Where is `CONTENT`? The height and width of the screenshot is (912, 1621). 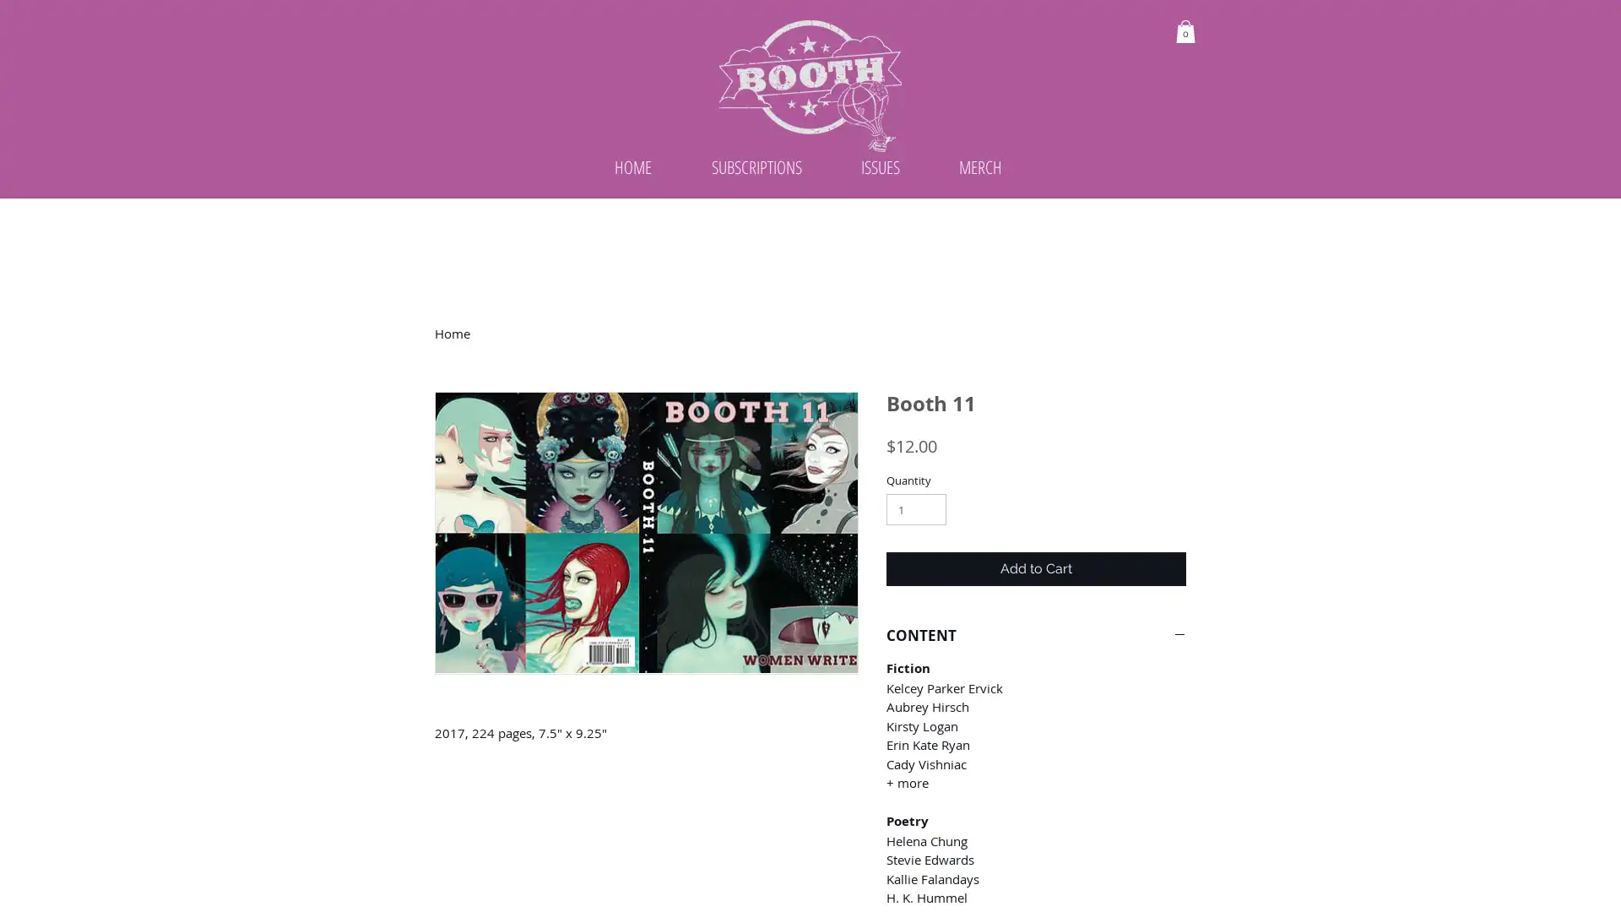
CONTENT is located at coordinates (1035, 635).